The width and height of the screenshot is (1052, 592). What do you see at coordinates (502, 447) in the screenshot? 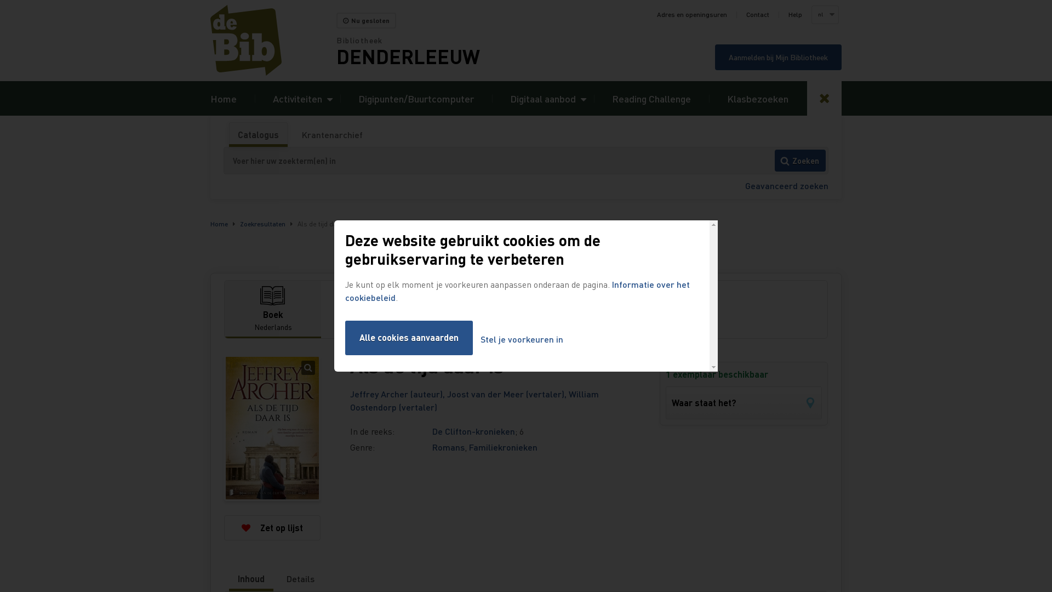
I see `'Familiekronieken'` at bounding box center [502, 447].